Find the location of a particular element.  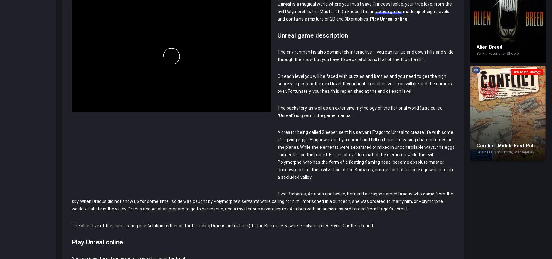

'Business Simulation' is located at coordinates (476, 151).